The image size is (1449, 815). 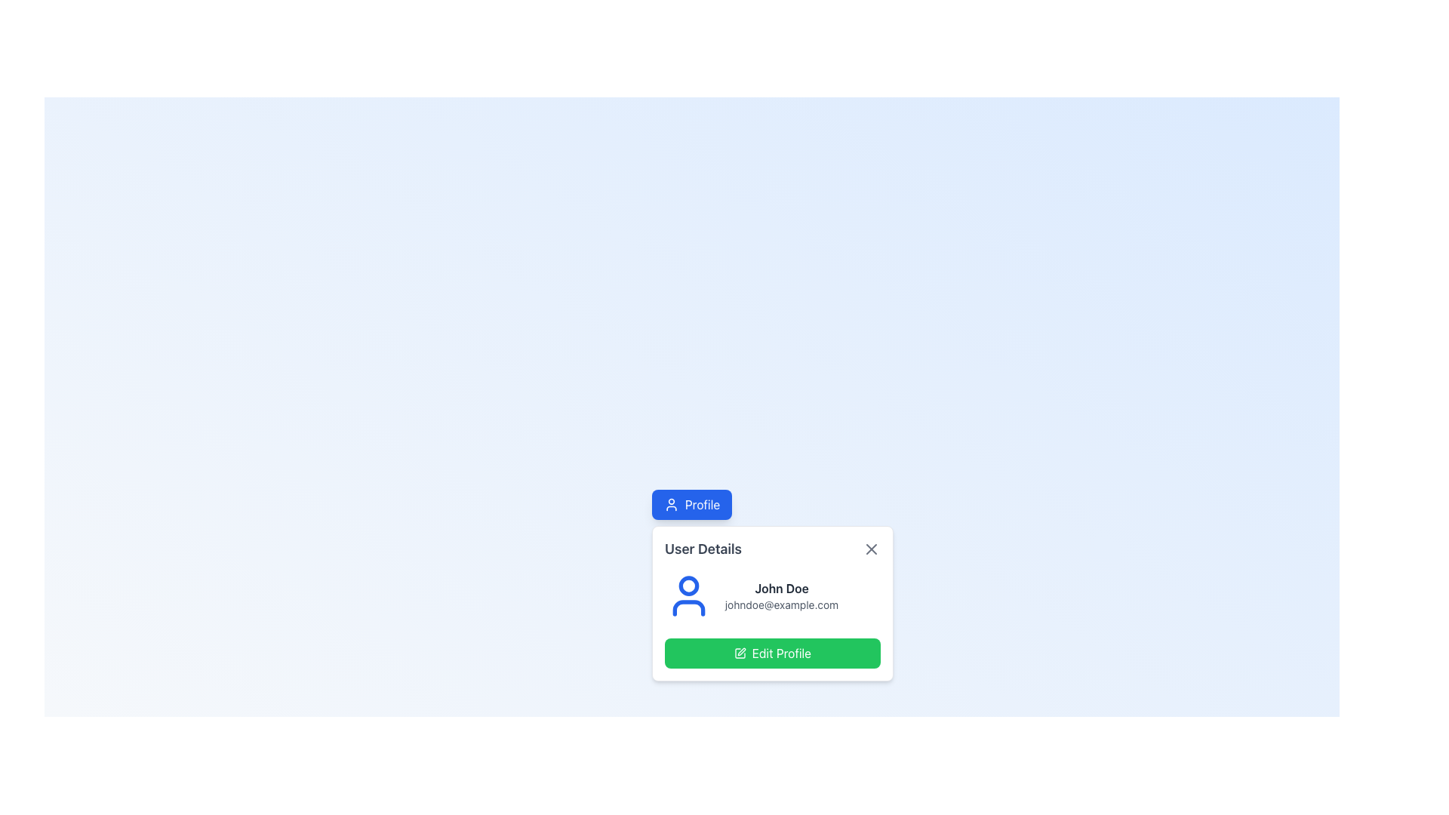 What do you see at coordinates (688, 595) in the screenshot?
I see `the user profile icon located in the top left corner of the user information card, adjacent to the user's name 'John Doe' and email address 'johndoe@example.com'` at bounding box center [688, 595].